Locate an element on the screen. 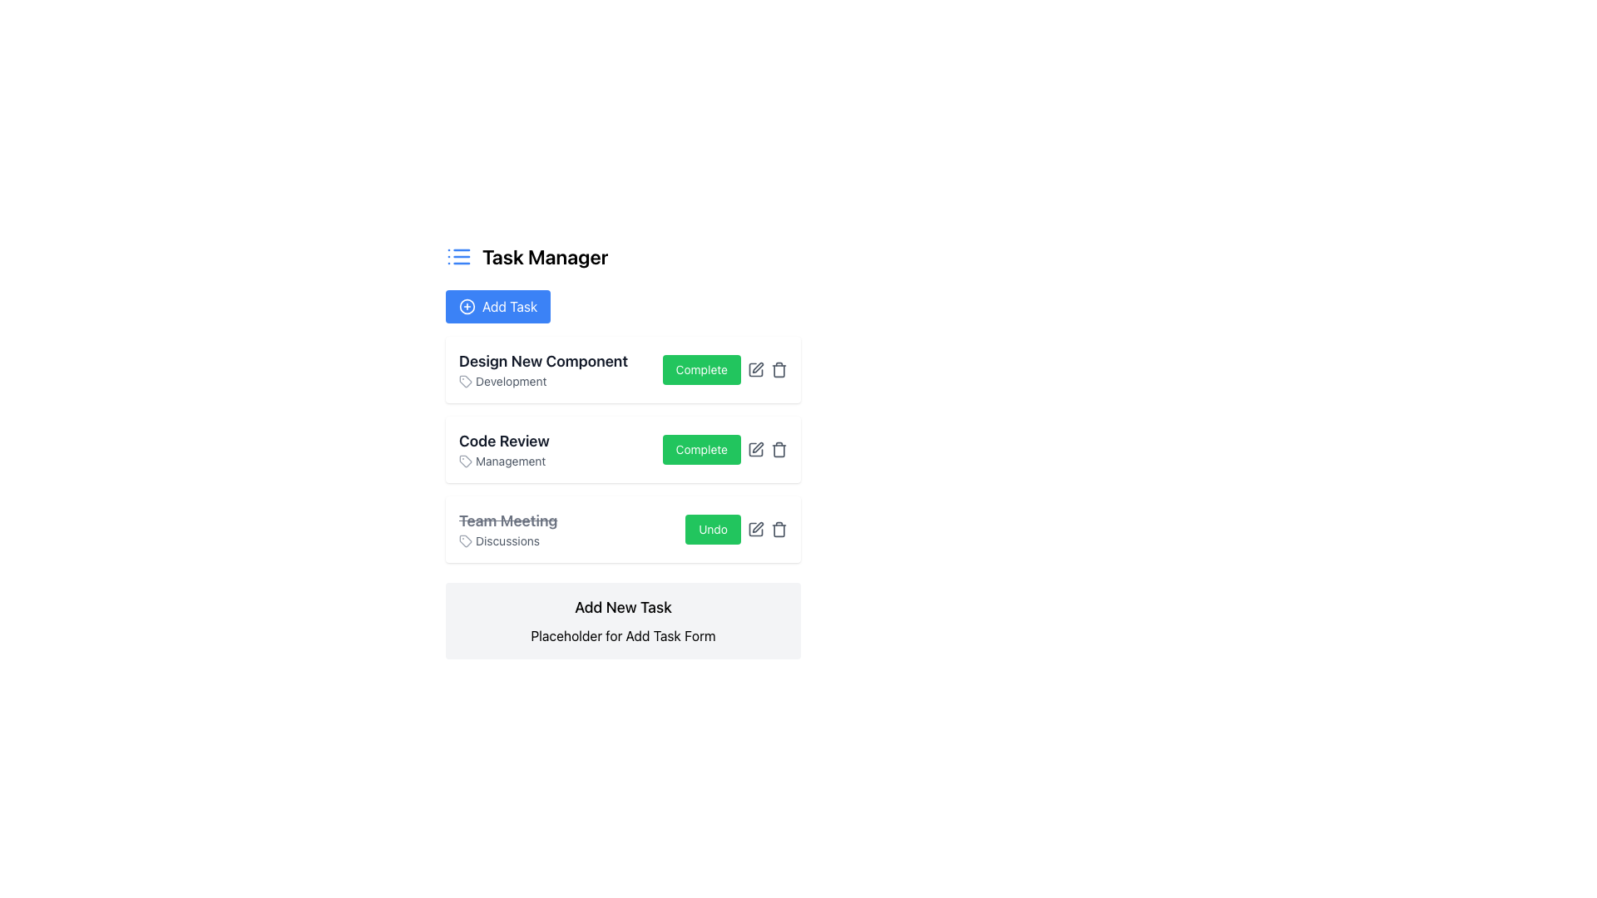 This screenshot has height=898, width=1597. the icon representing the Add Task functionality located to the left of the 'Add Task' button near the Task Manager header is located at coordinates (466, 307).